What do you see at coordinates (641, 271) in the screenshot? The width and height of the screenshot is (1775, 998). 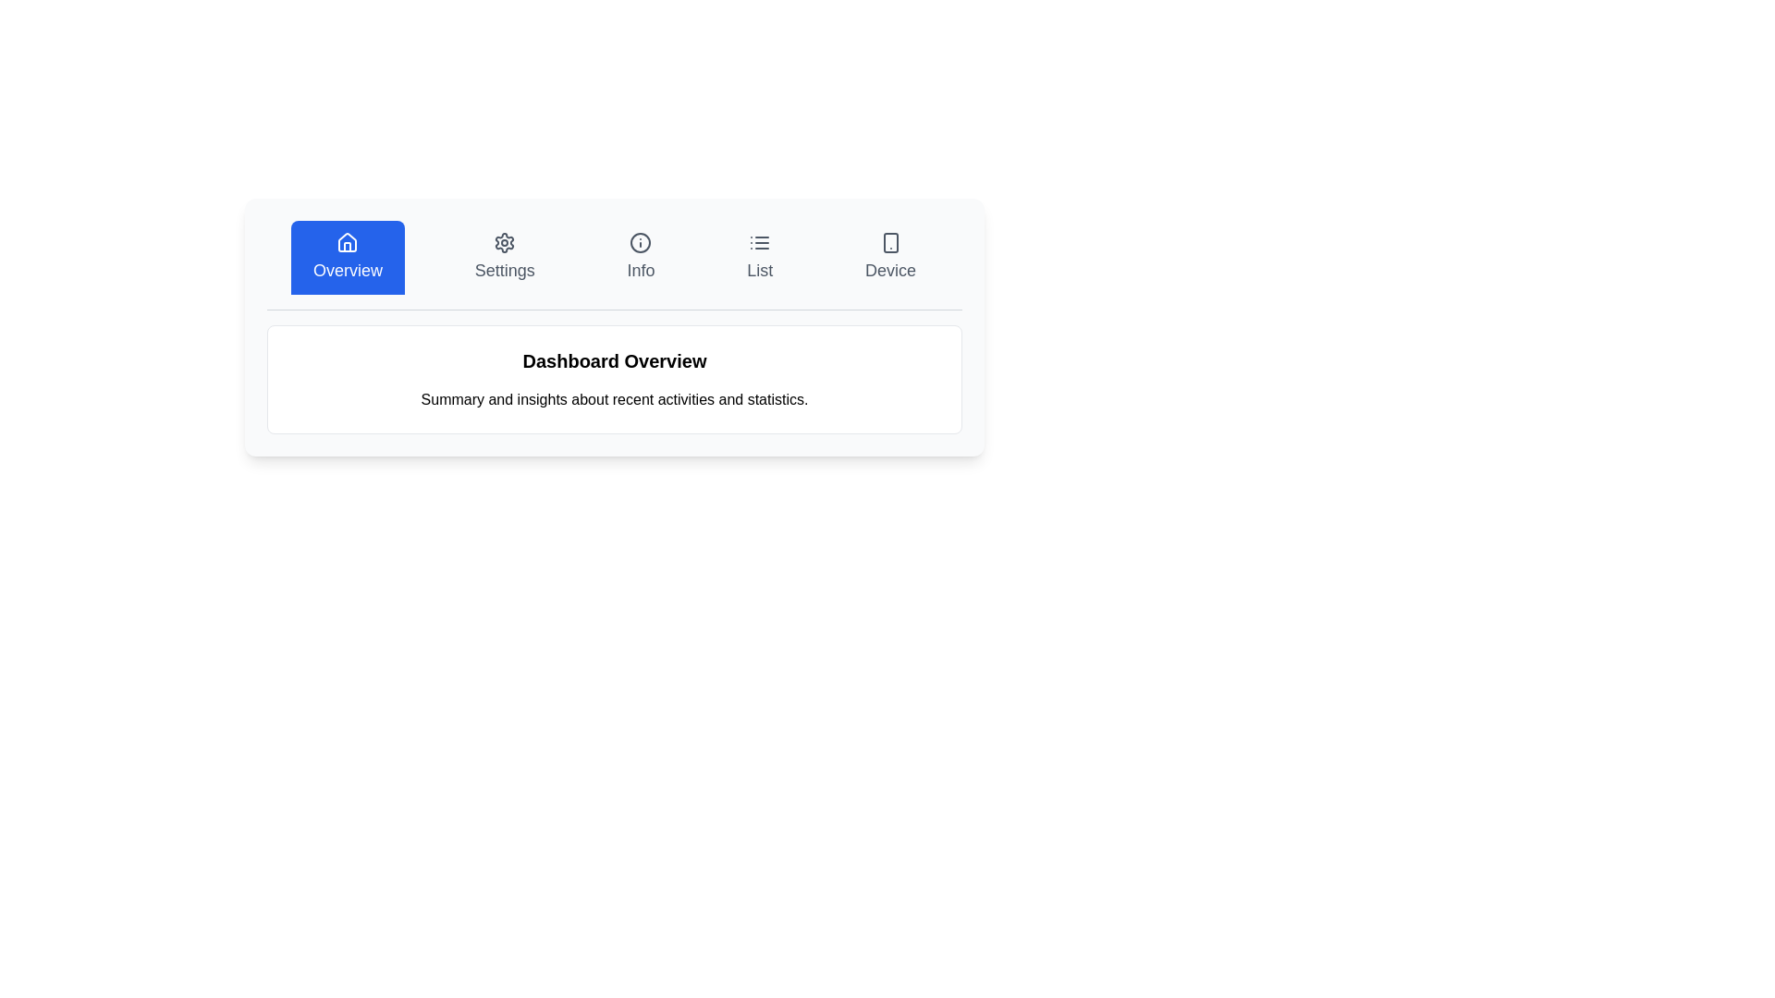 I see `the 'Info' text label in the navigation bar` at bounding box center [641, 271].